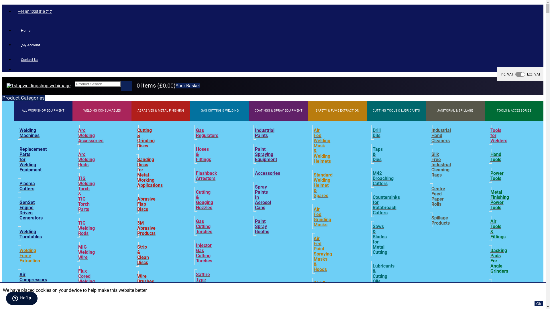 The width and height of the screenshot is (550, 309). What do you see at coordinates (150, 172) in the screenshot?
I see `'Sanding Discs for Metal-Working Applications'` at bounding box center [150, 172].